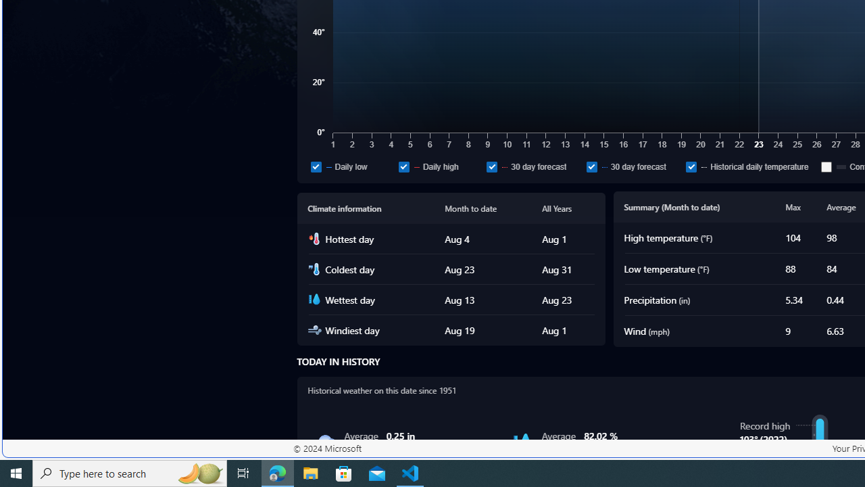 This screenshot has height=487, width=865. What do you see at coordinates (315, 166) in the screenshot?
I see `'Daily low'` at bounding box center [315, 166].